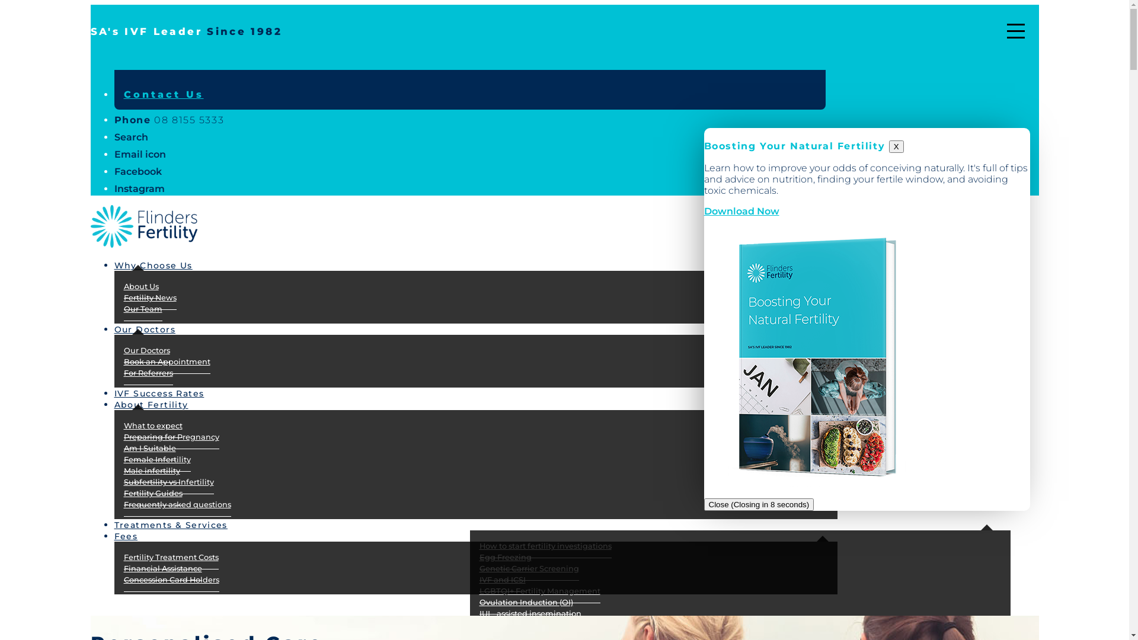 The width and height of the screenshot is (1138, 640). I want to click on 'IVF Success Rates', so click(167, 391).